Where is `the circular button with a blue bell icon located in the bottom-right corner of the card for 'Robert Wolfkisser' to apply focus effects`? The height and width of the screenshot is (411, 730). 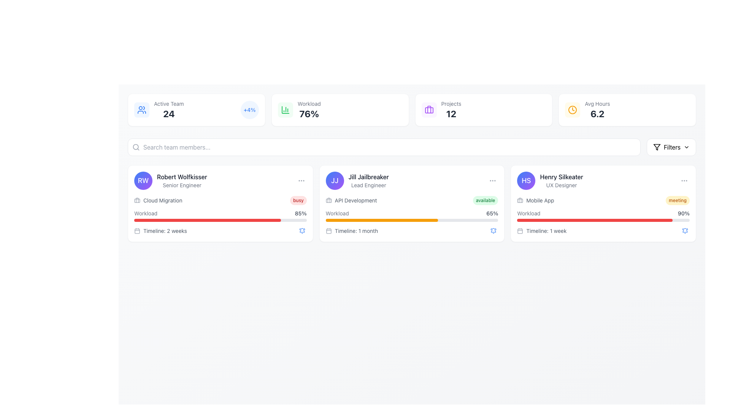
the circular button with a blue bell icon located in the bottom-right corner of the card for 'Robert Wolfkisser' to apply focus effects is located at coordinates (302, 230).